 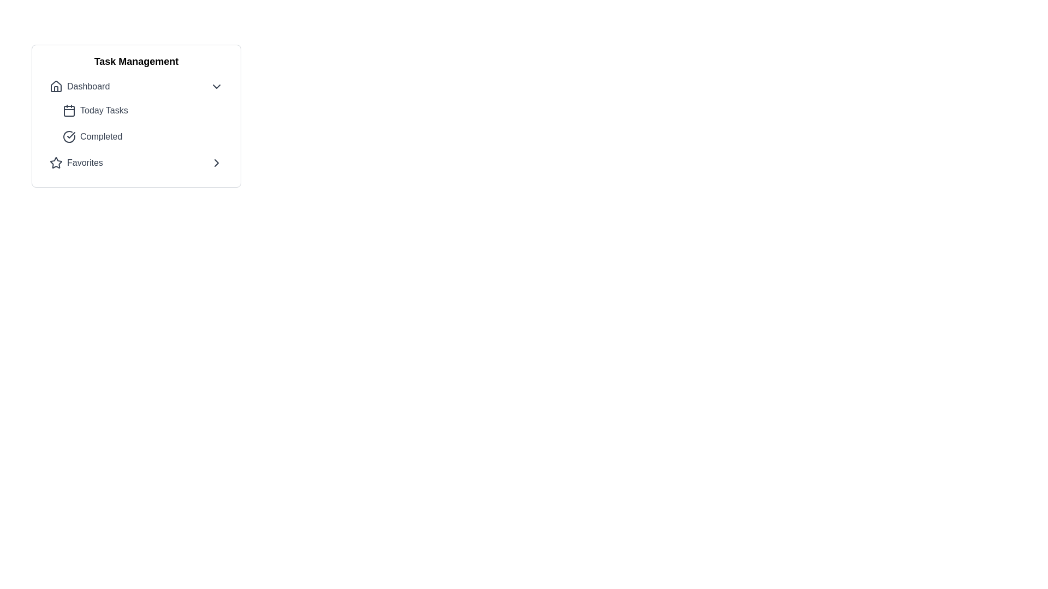 I want to click on the 'Completed' text label located in the third item of the vertical navigation list, so click(x=101, y=136).